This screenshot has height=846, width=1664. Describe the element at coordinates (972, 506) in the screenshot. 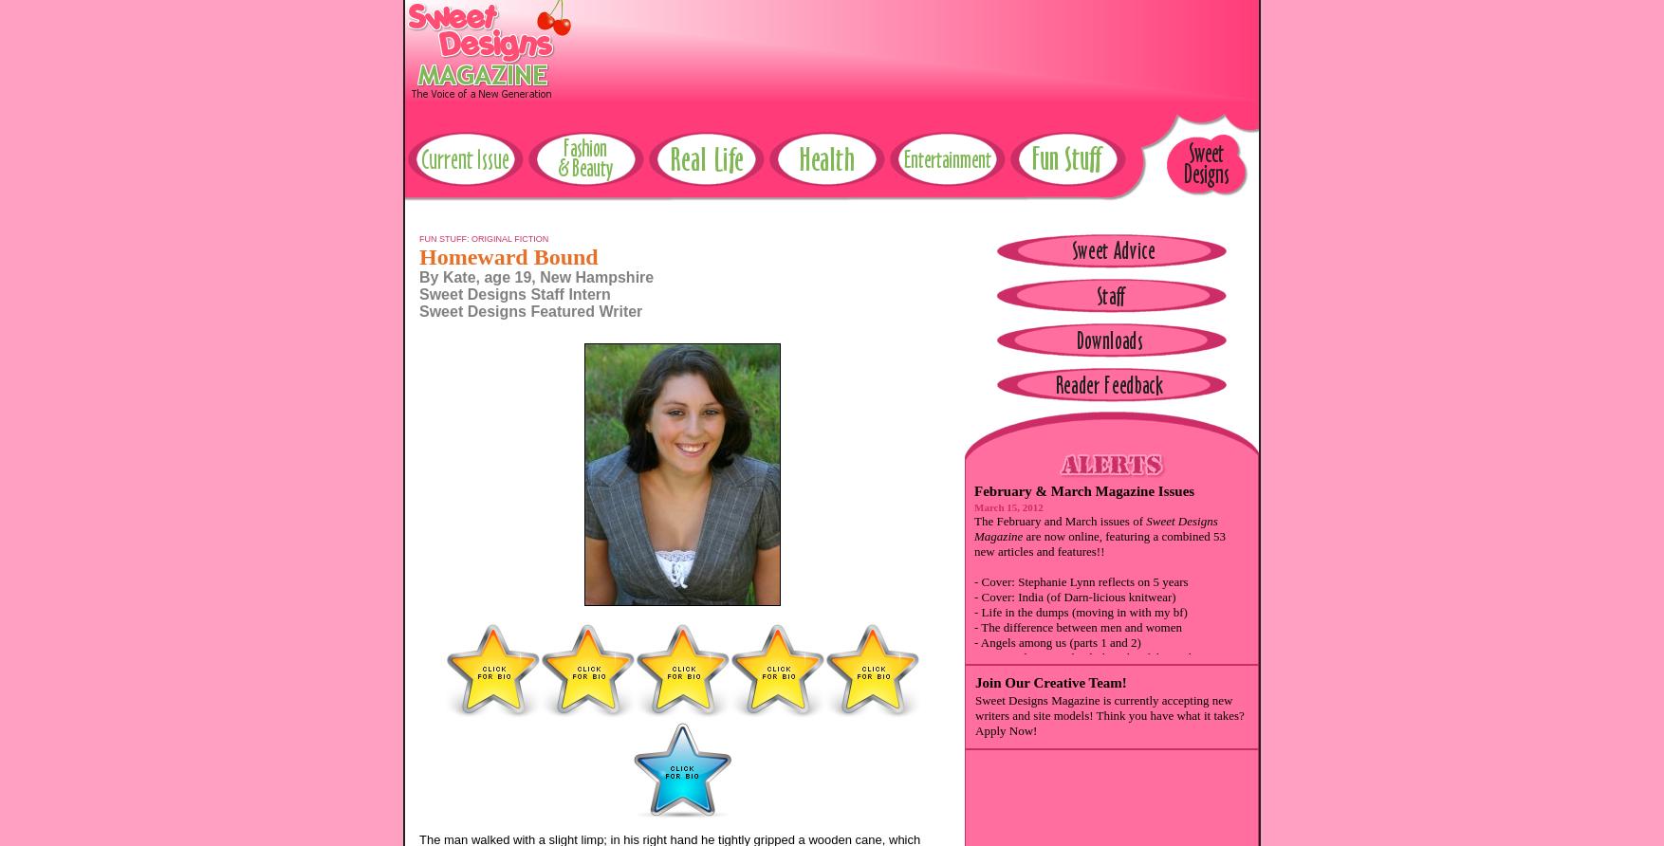

I see `'March 15, 2012'` at that location.